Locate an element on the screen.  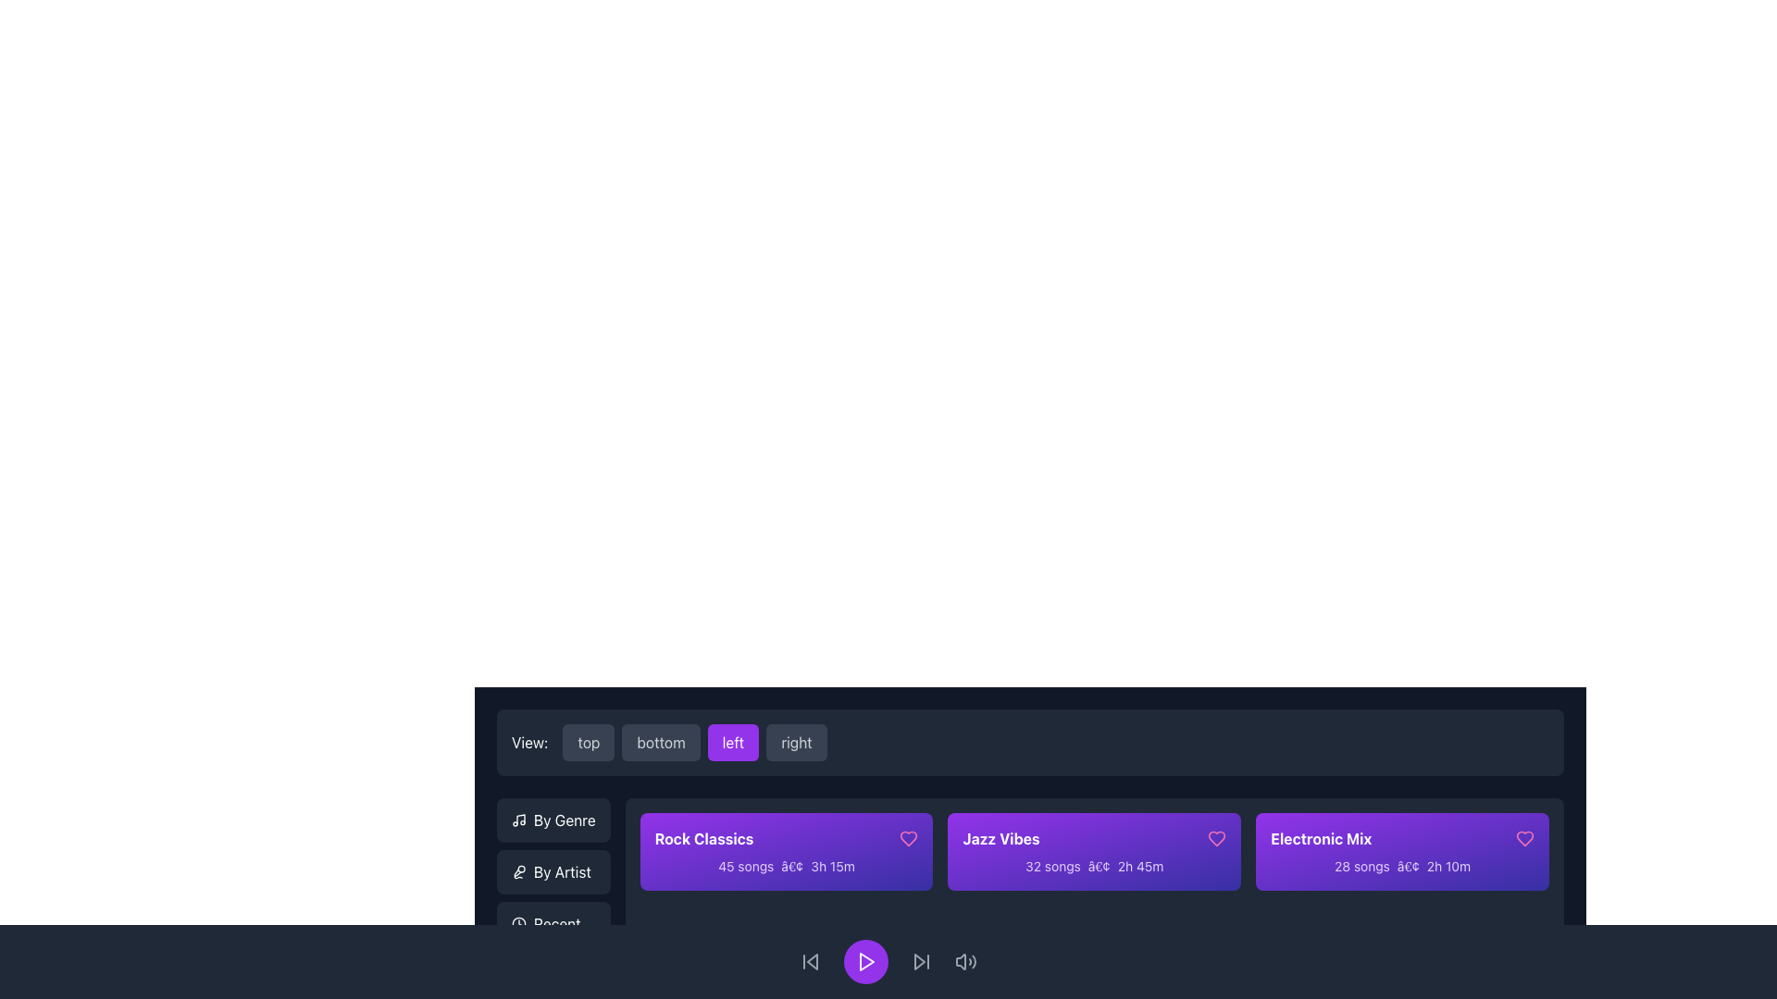
the icon button resembling a backward arrow located in the bottom control bar to skip to the previous track is located at coordinates (810, 961).